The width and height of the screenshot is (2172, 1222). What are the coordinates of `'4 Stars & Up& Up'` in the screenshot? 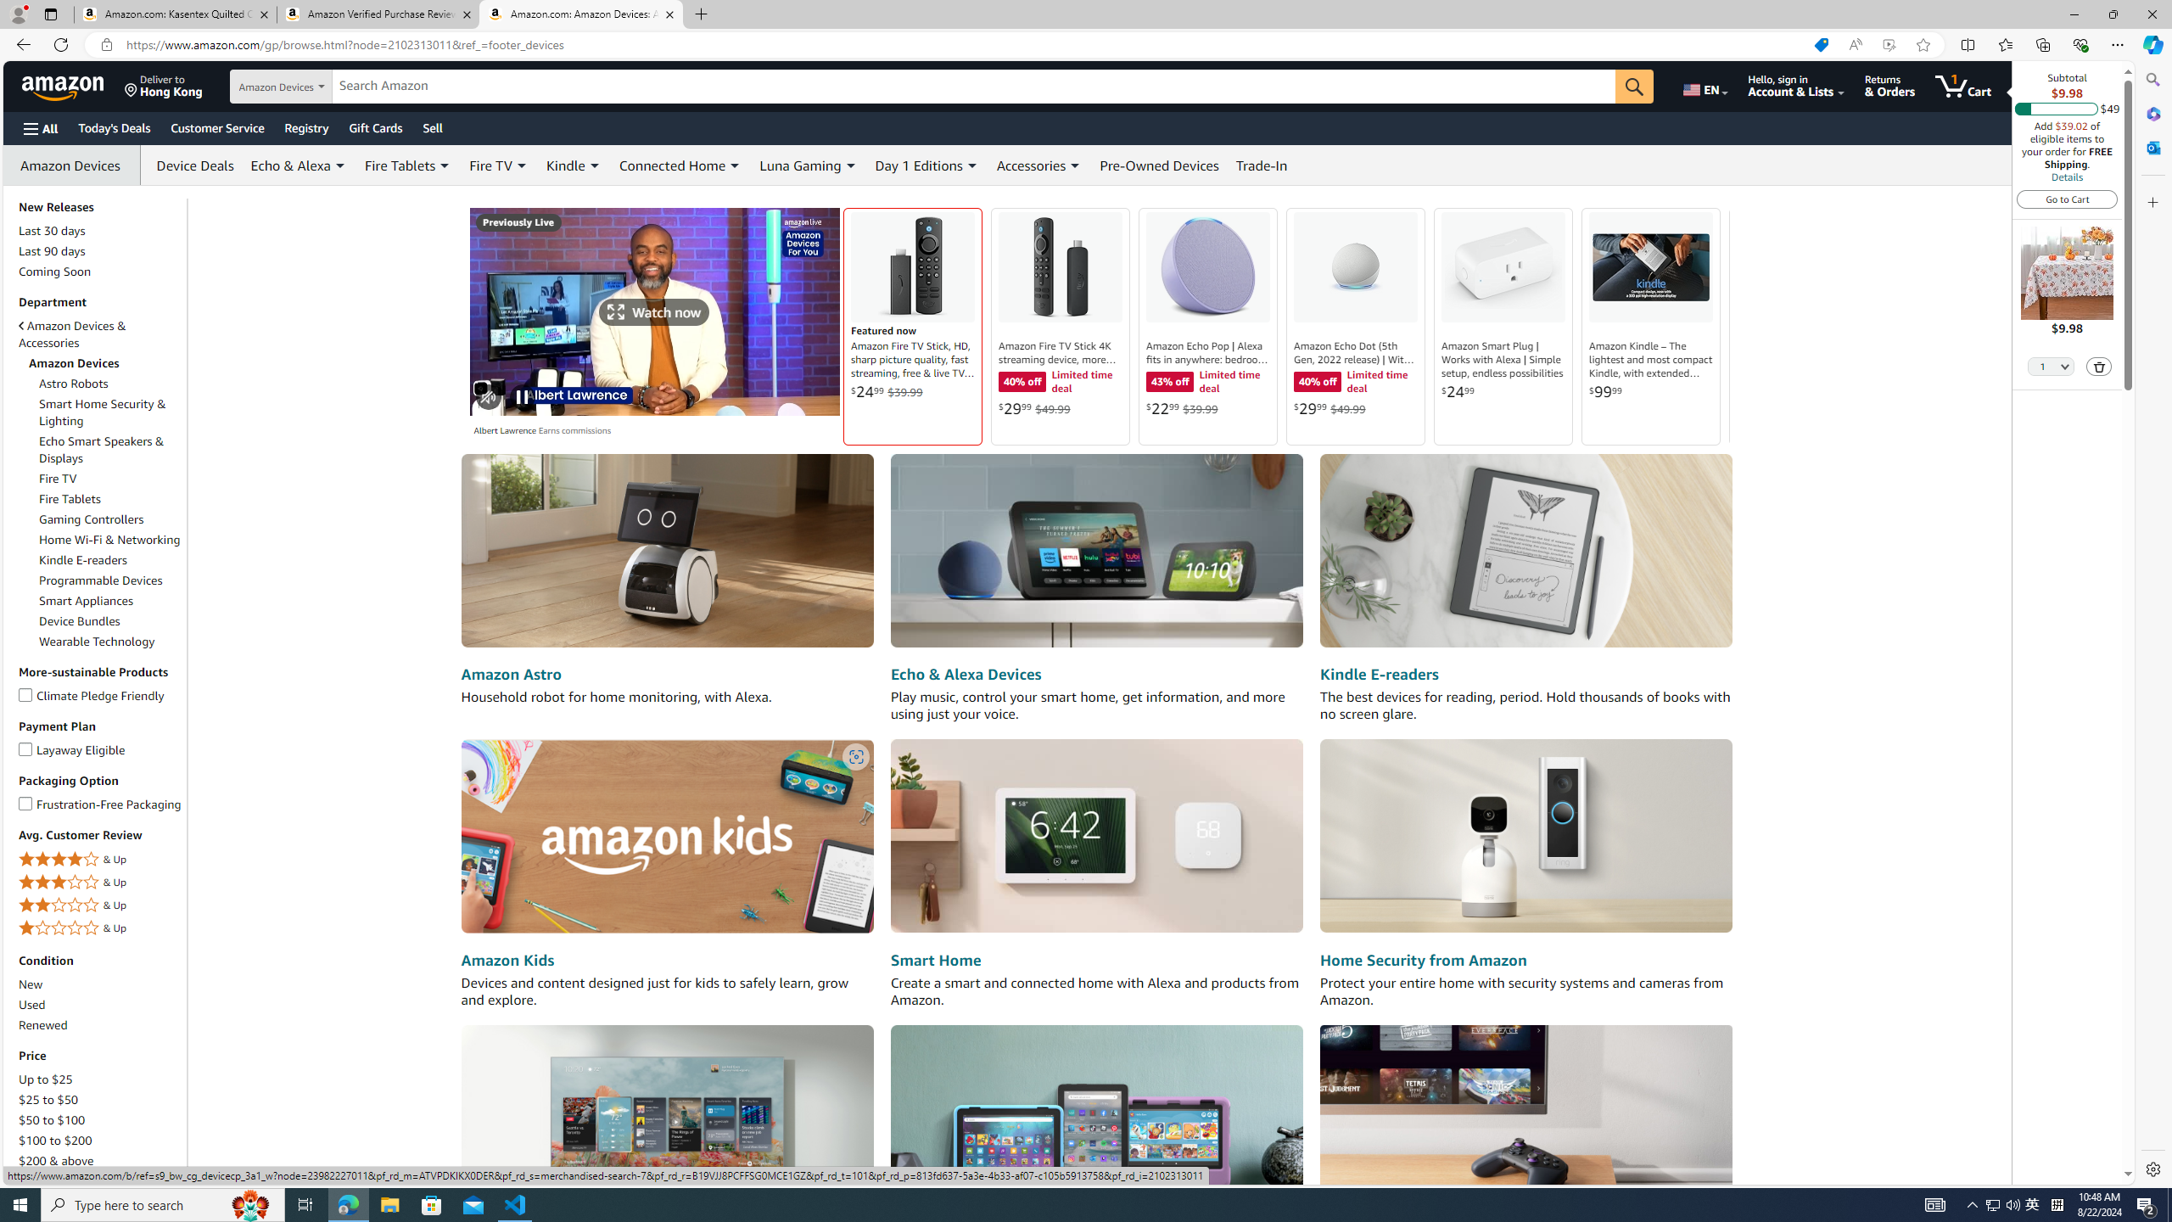 It's located at (100, 859).